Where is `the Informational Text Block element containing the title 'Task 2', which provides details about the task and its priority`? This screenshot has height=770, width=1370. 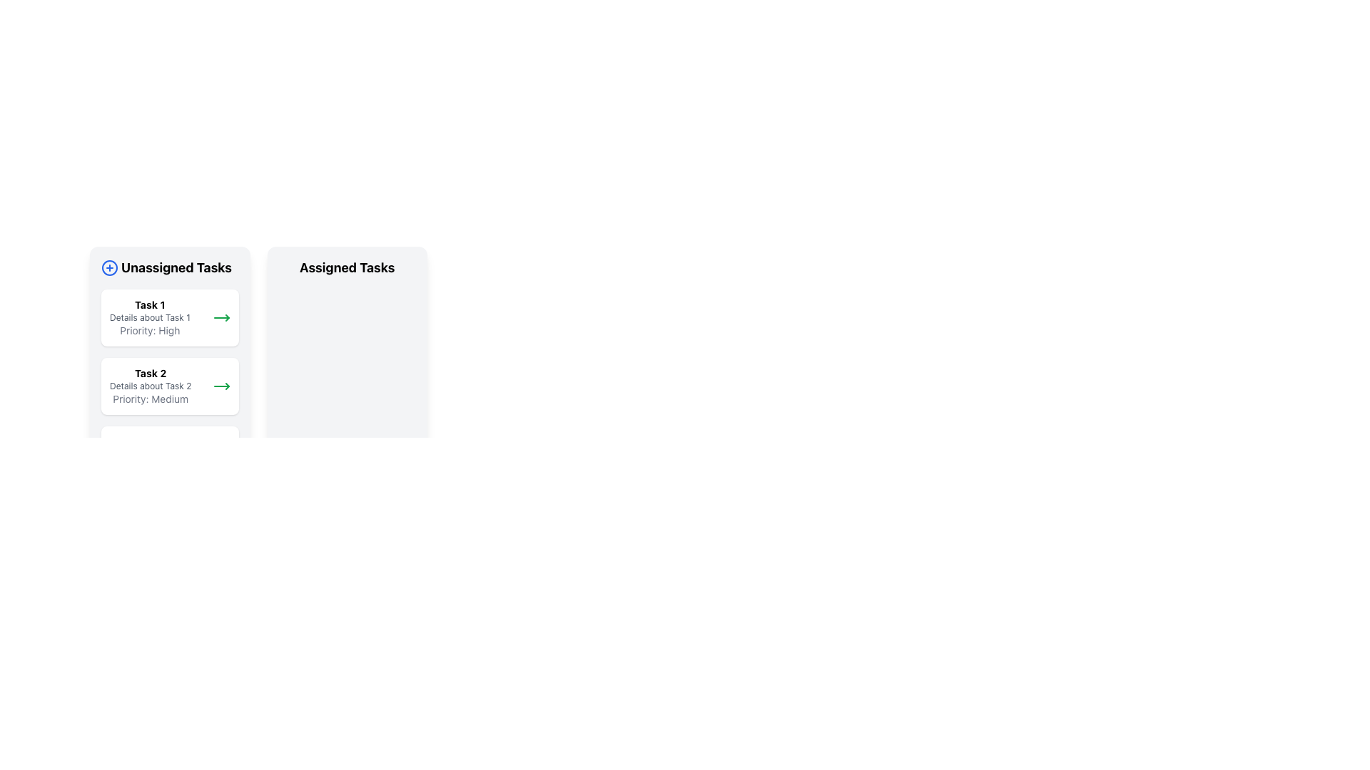
the Informational Text Block element containing the title 'Task 2', which provides details about the task and its priority is located at coordinates (151, 386).